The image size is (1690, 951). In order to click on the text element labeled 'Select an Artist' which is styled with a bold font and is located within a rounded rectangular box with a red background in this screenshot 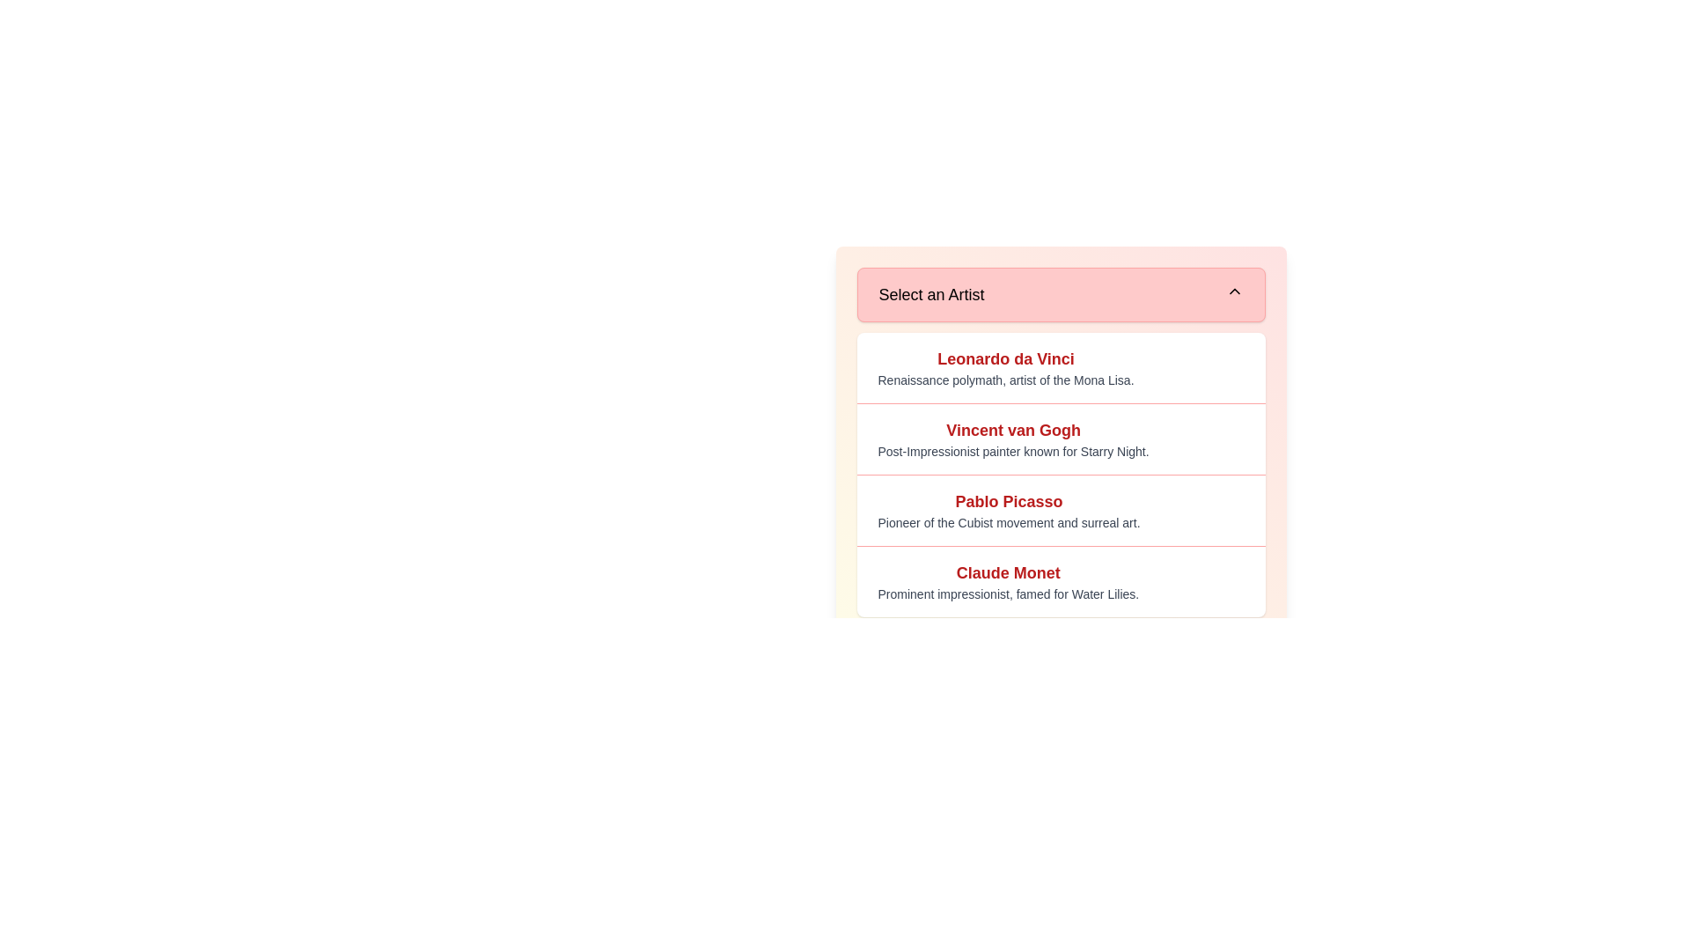, I will do `click(930, 294)`.